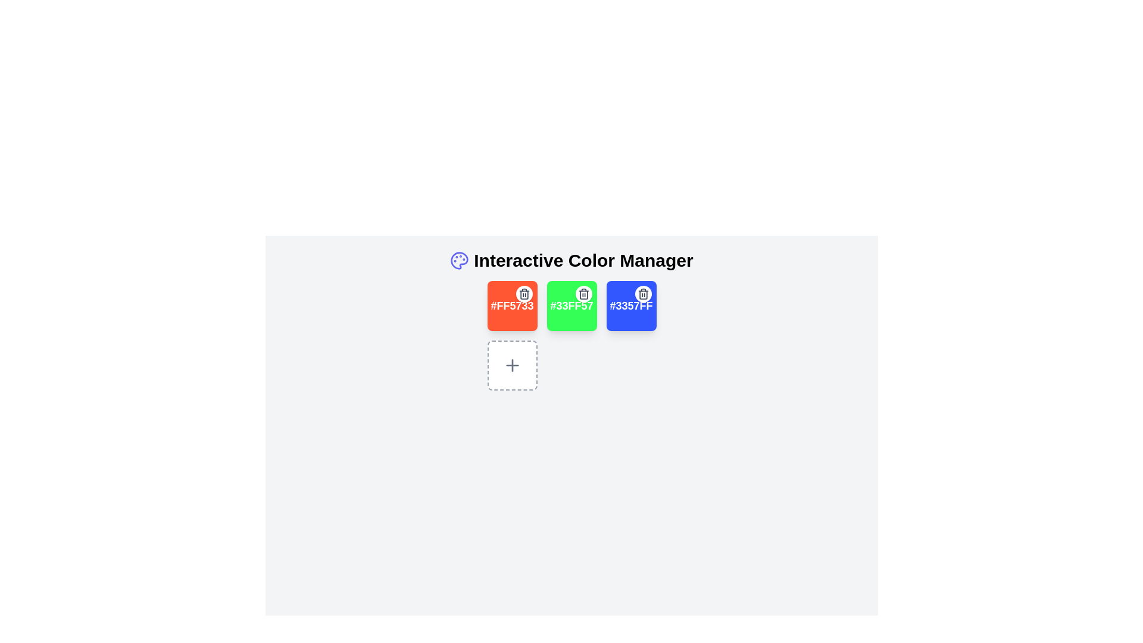 The width and height of the screenshot is (1143, 643). What do you see at coordinates (524, 294) in the screenshot?
I see `the circular button with a white background and a trash bin icon located at the top-right corner of the red box labeled '#FF5733'` at bounding box center [524, 294].